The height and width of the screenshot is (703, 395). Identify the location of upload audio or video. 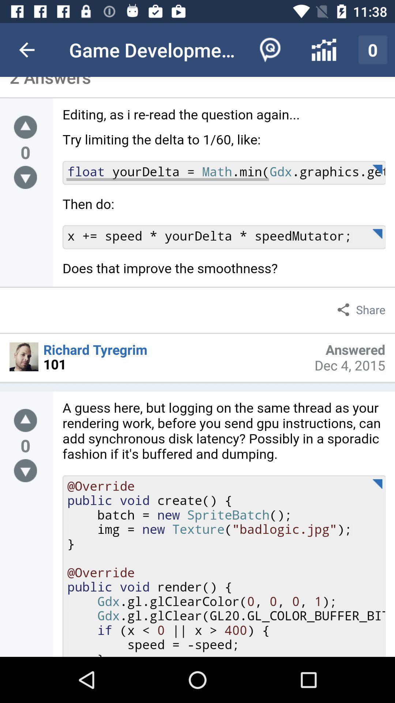
(25, 127).